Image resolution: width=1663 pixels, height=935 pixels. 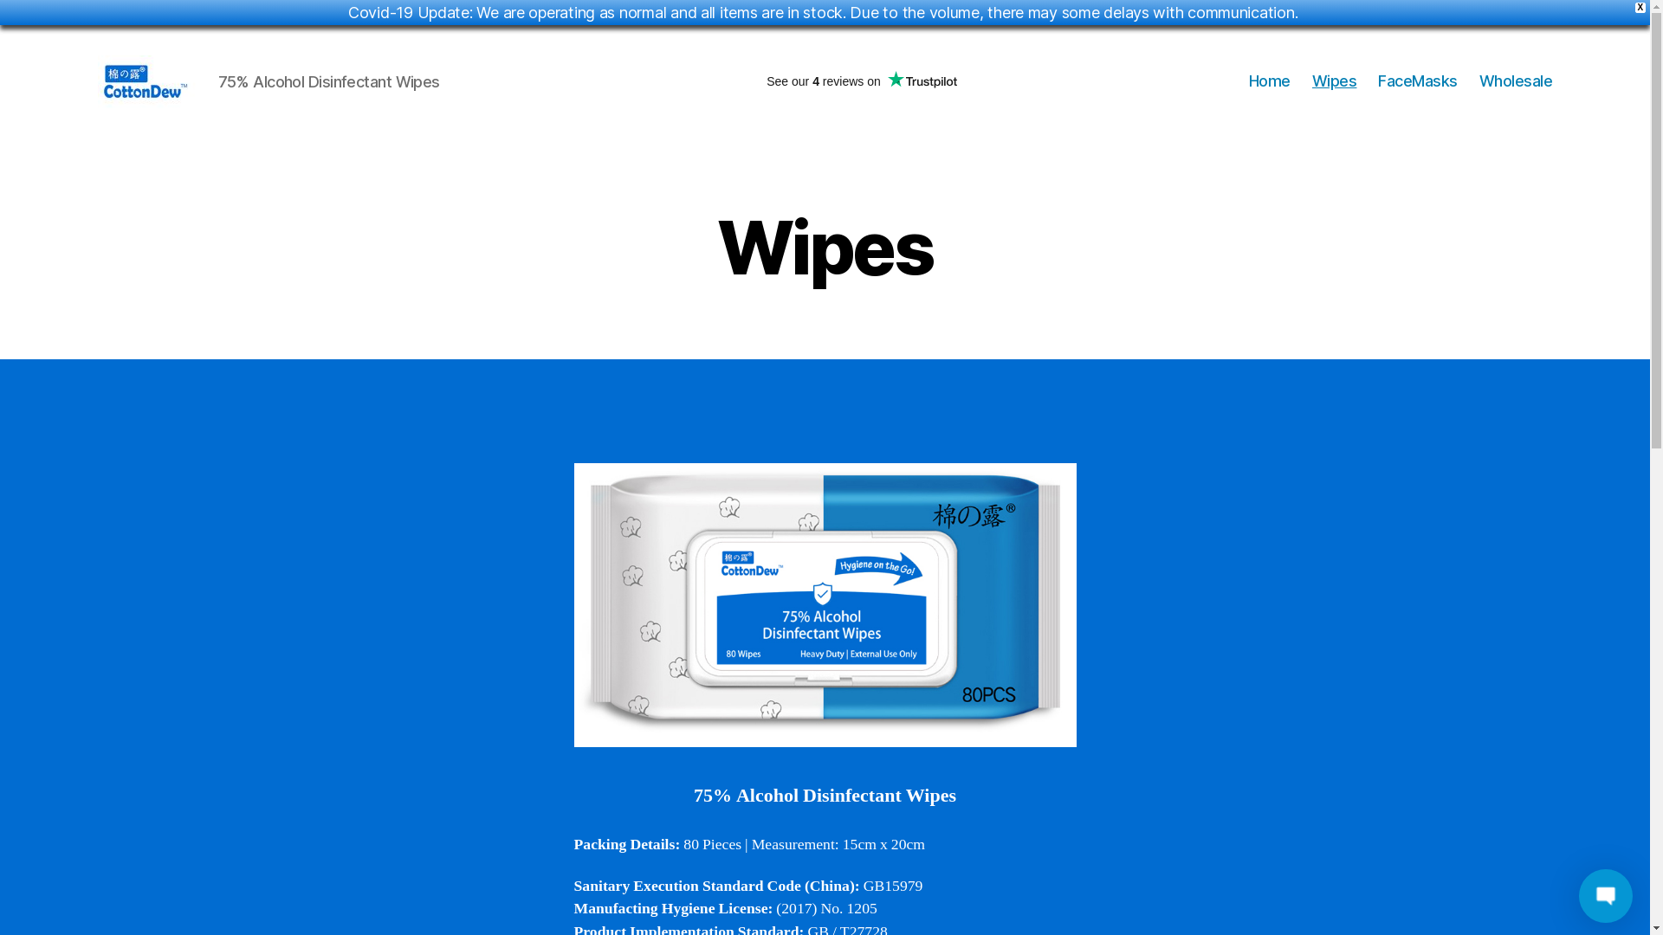 I want to click on 'Wholesale', so click(x=1479, y=81).